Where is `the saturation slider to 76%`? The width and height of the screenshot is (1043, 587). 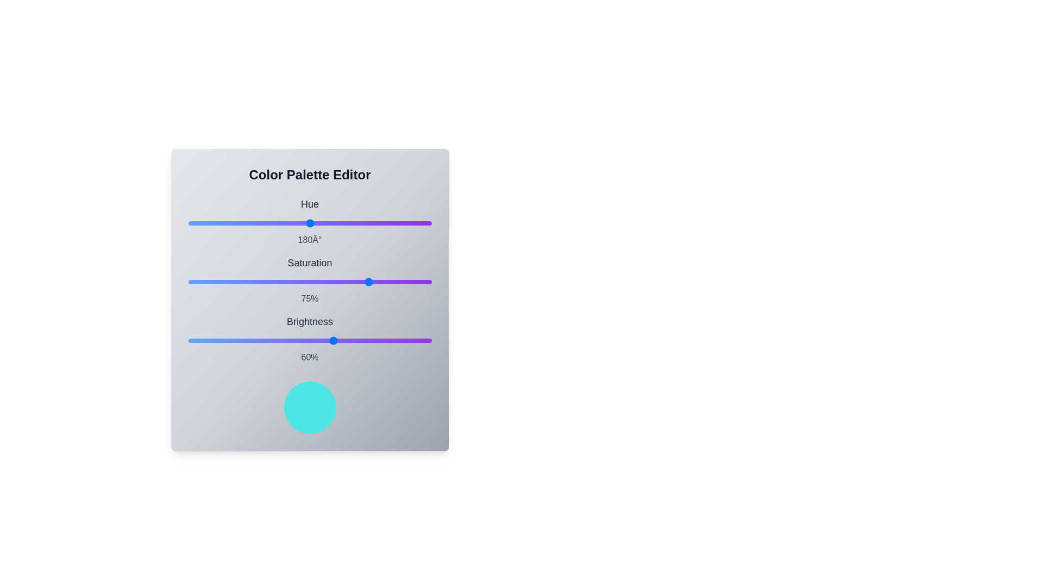 the saturation slider to 76% is located at coordinates (373, 282).